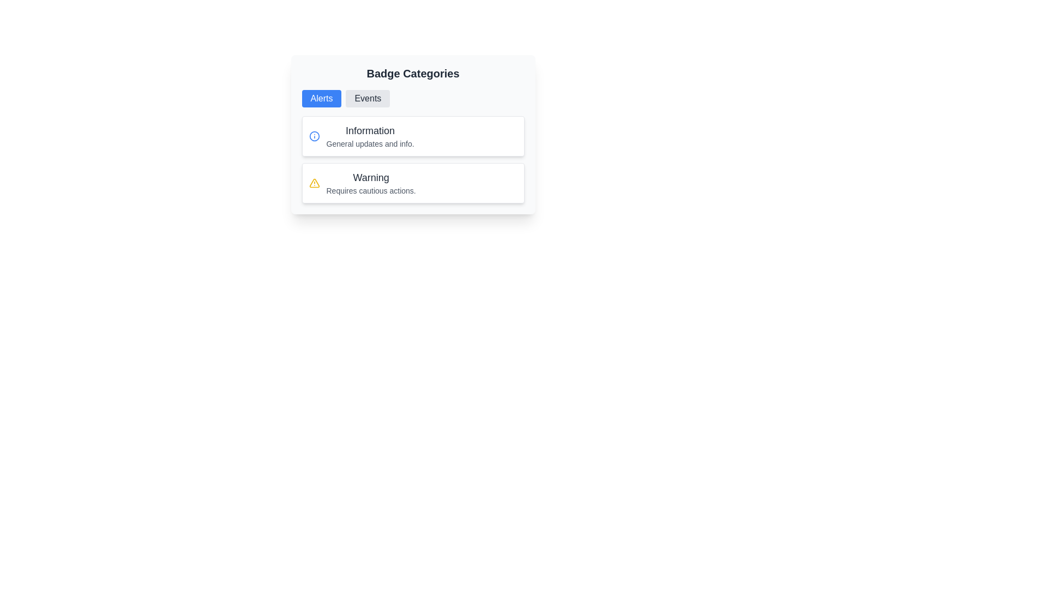  What do you see at coordinates (314, 182) in the screenshot?
I see `the warning icon located at the top-left corner of the 'Warning' list item under the 'Alerts' tab for further details` at bounding box center [314, 182].